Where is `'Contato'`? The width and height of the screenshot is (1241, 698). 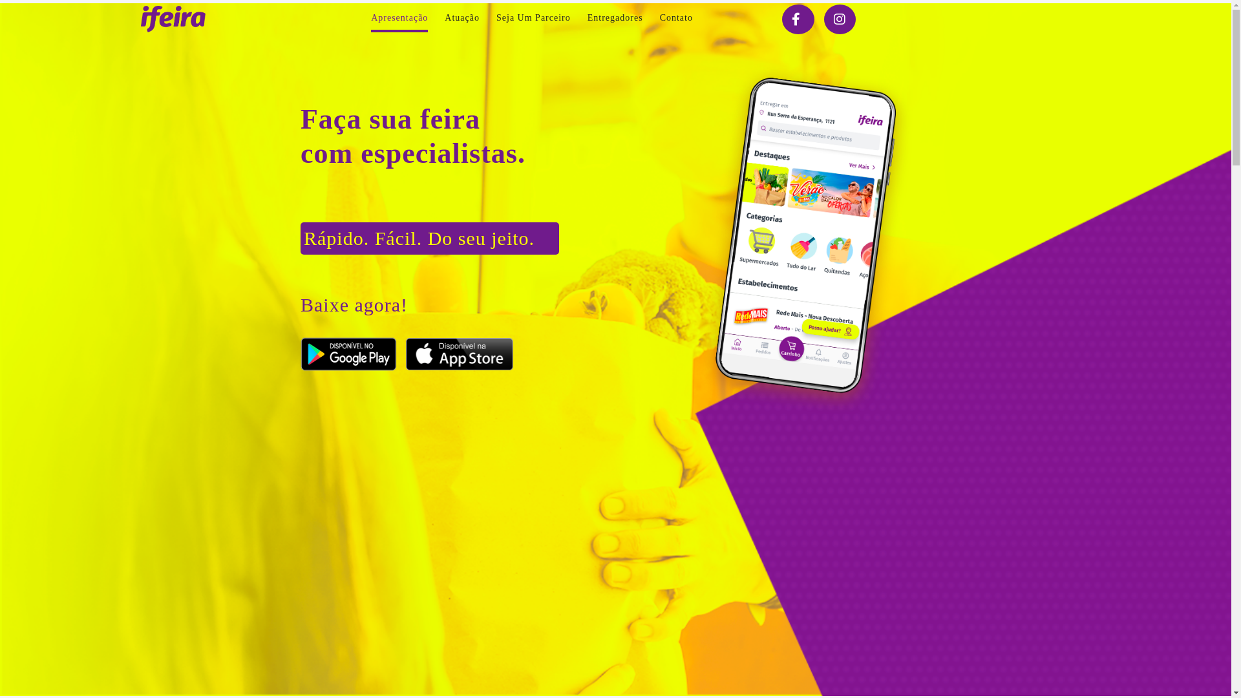 'Contato' is located at coordinates (675, 17).